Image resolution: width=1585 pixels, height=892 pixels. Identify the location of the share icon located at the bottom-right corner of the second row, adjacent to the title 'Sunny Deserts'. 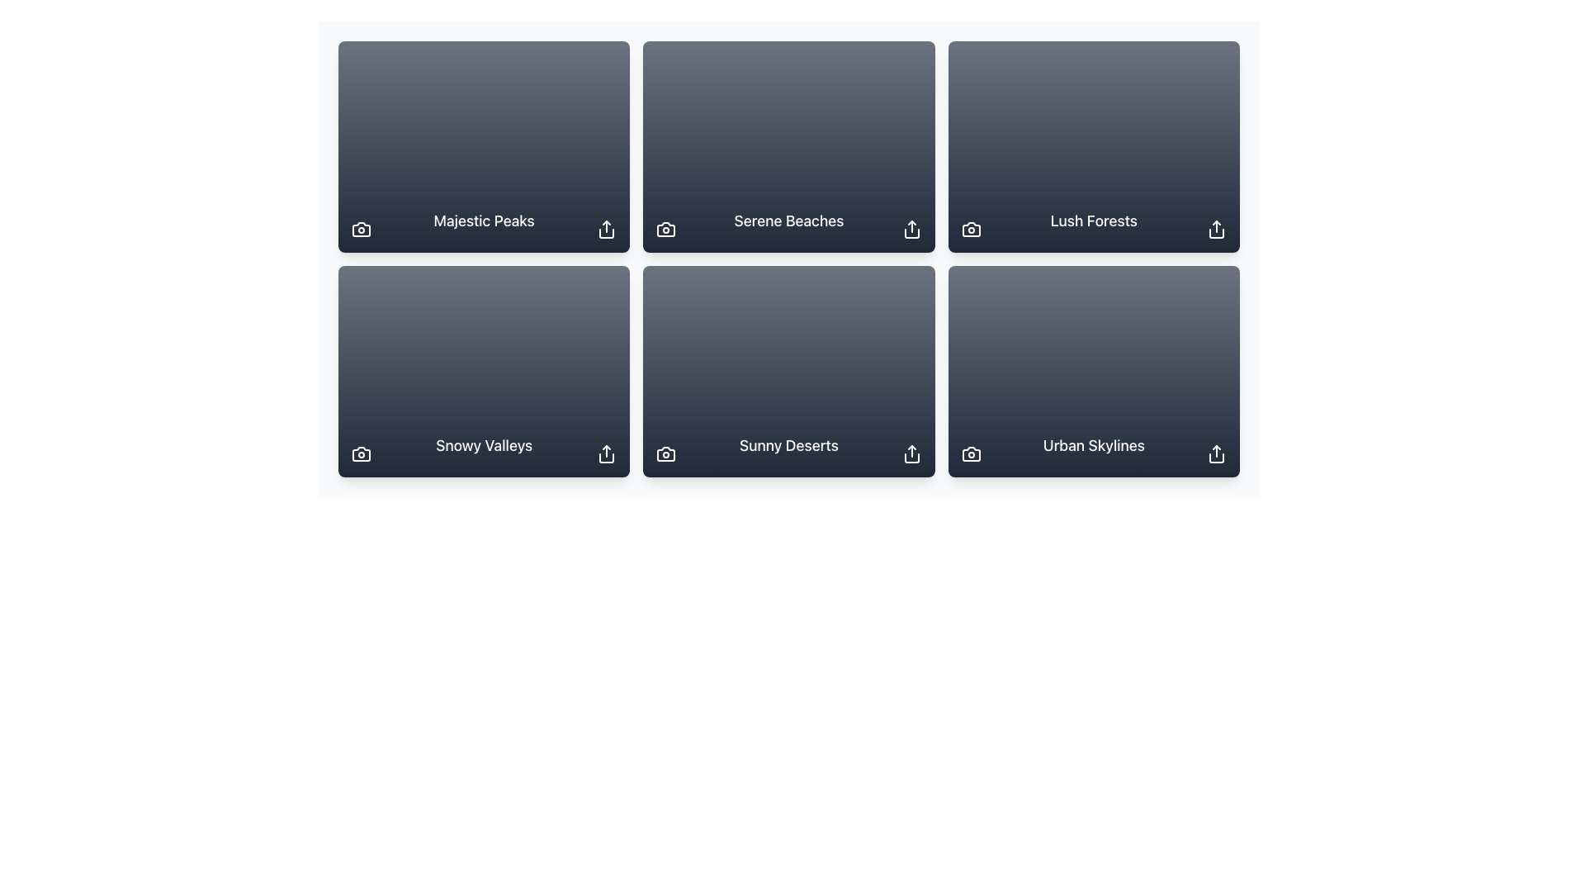
(911, 458).